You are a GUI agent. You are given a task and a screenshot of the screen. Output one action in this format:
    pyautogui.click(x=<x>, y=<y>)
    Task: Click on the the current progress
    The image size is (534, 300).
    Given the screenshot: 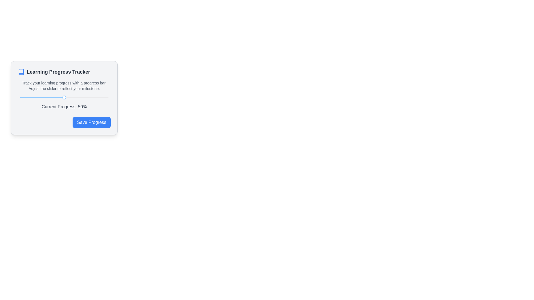 What is the action you would take?
    pyautogui.click(x=58, y=97)
    